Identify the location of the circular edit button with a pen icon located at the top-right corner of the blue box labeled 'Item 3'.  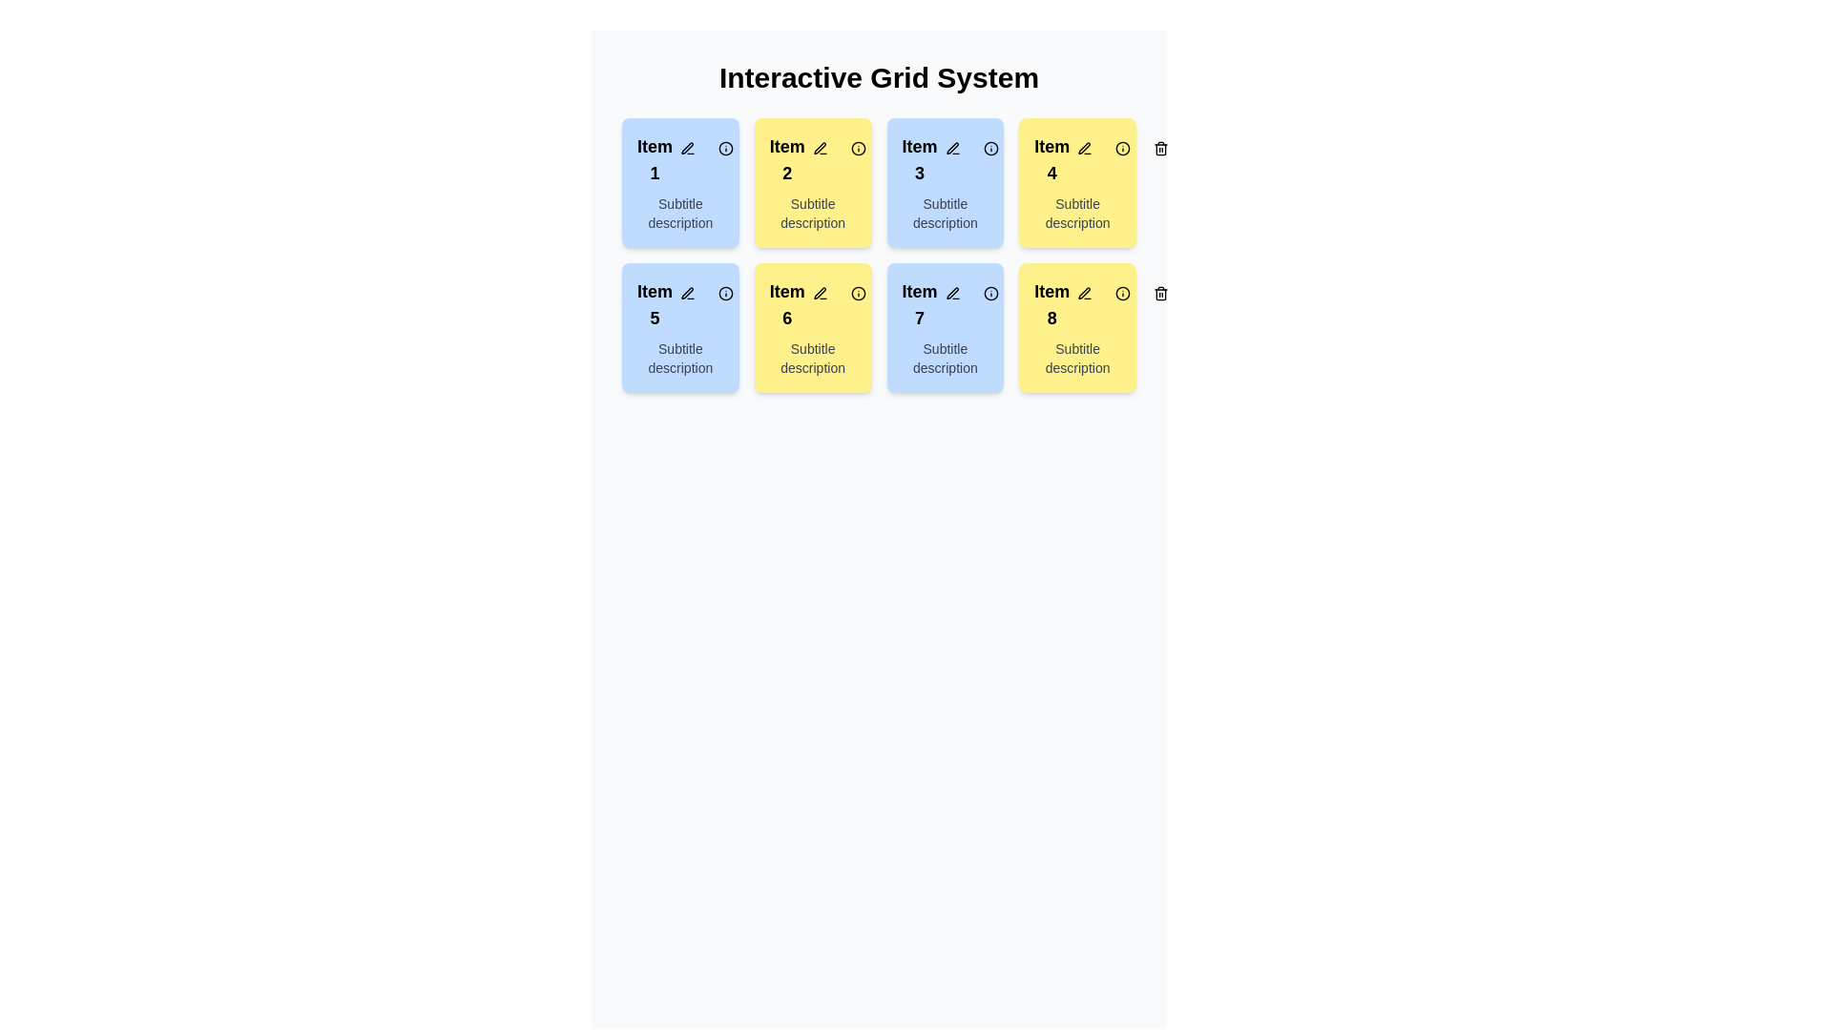
(952, 147).